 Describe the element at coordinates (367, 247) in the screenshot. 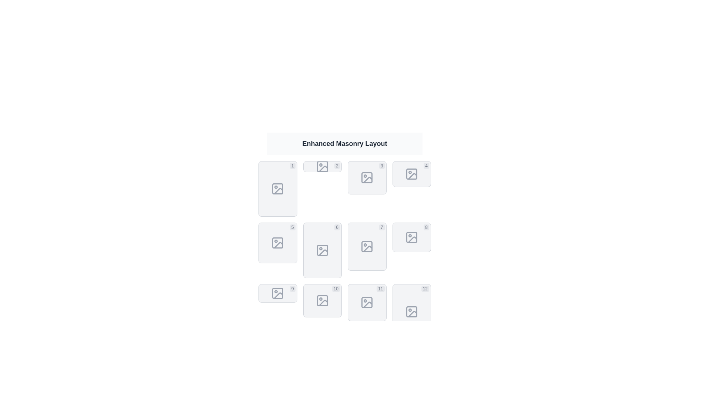

I see `the icon resembling a picture frame with a centered circle and a diagonal line in the seventh panel of the grid layout` at that location.